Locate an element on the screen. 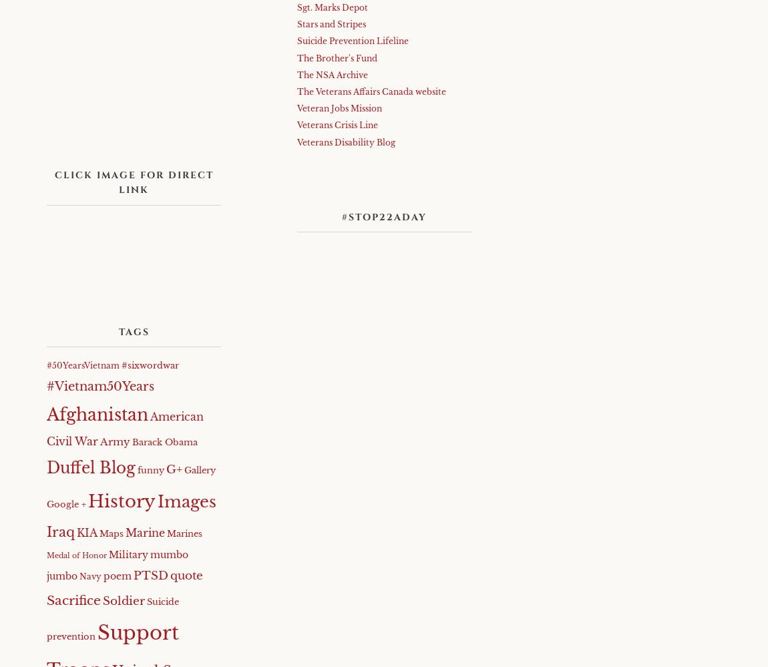 Image resolution: width=768 pixels, height=667 pixels. 'Maps' is located at coordinates (110, 533).